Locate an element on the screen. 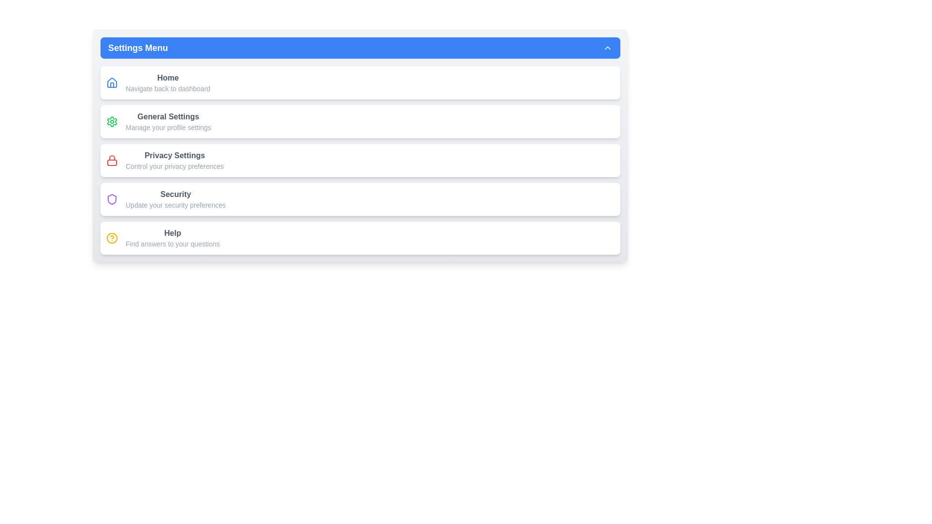  the text label that serves as a header for the section summarizing 'Update your security preferences' in the settings menu list is located at coordinates (176, 195).